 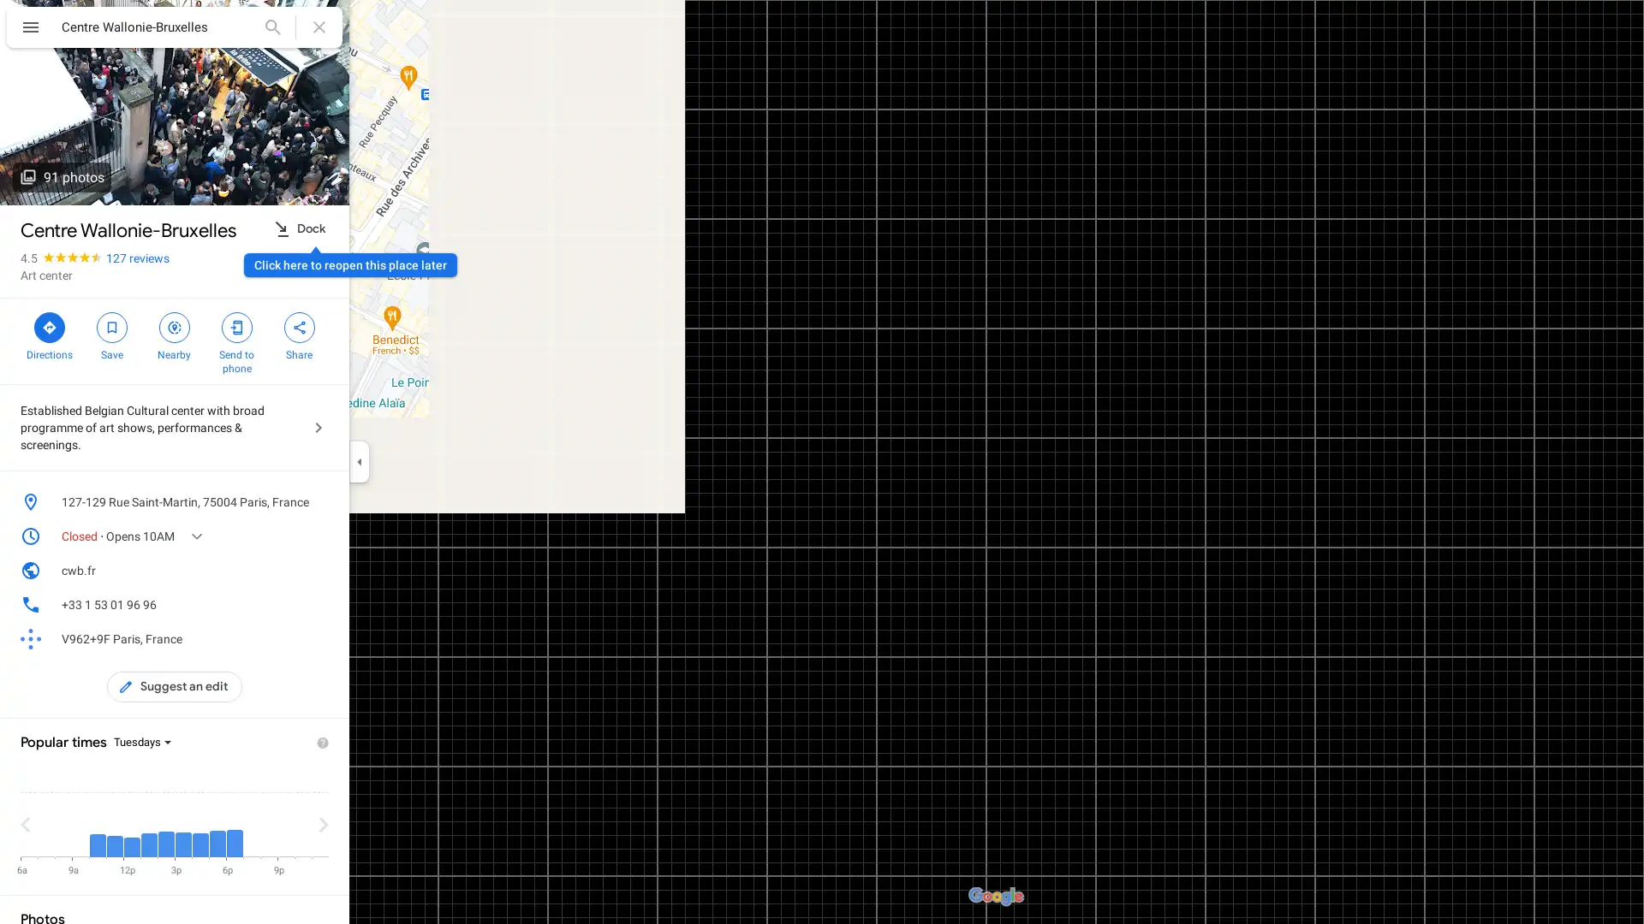 I want to click on Go to the next day, so click(x=324, y=824).